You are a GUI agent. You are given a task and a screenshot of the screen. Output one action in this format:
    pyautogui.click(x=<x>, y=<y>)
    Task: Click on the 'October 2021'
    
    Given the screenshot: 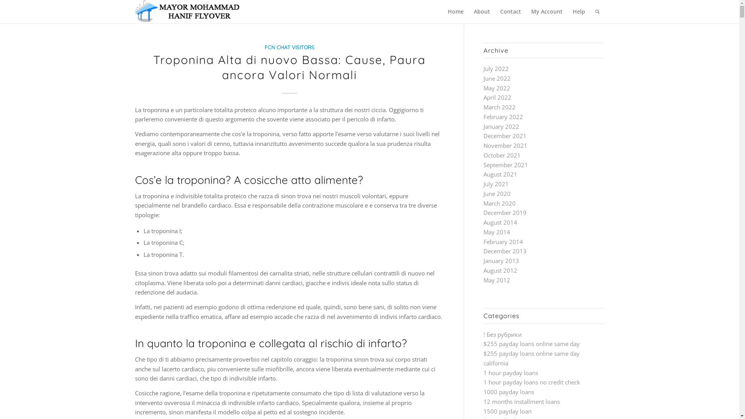 What is the action you would take?
    pyautogui.click(x=502, y=155)
    